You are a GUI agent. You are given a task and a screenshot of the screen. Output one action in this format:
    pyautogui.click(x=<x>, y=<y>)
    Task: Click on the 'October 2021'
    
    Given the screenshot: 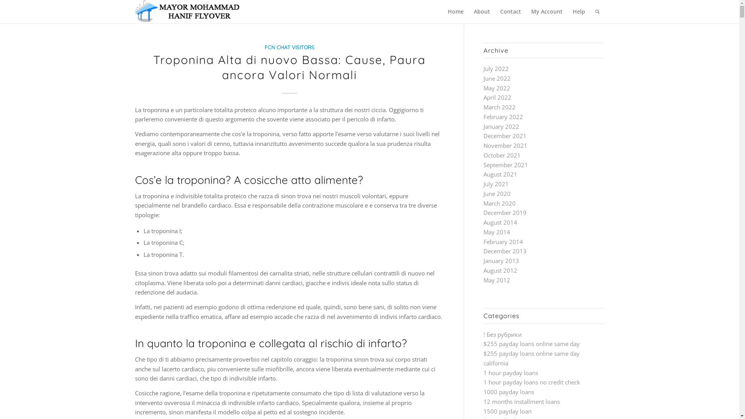 What is the action you would take?
    pyautogui.click(x=502, y=155)
    